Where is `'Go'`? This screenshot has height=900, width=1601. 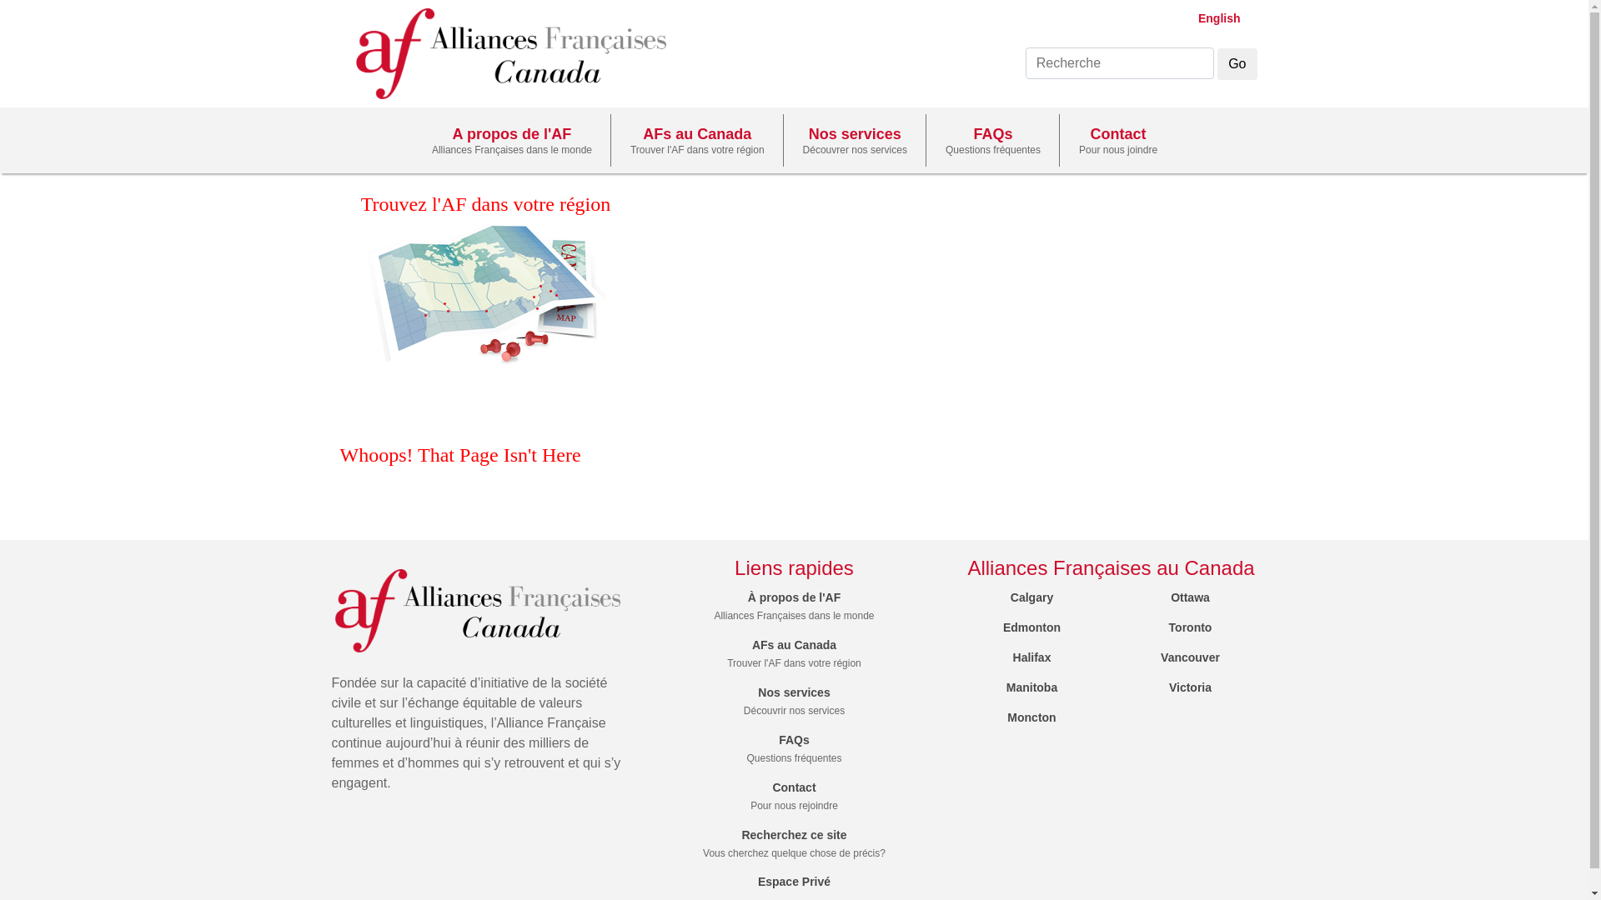 'Go' is located at coordinates (1237, 63).